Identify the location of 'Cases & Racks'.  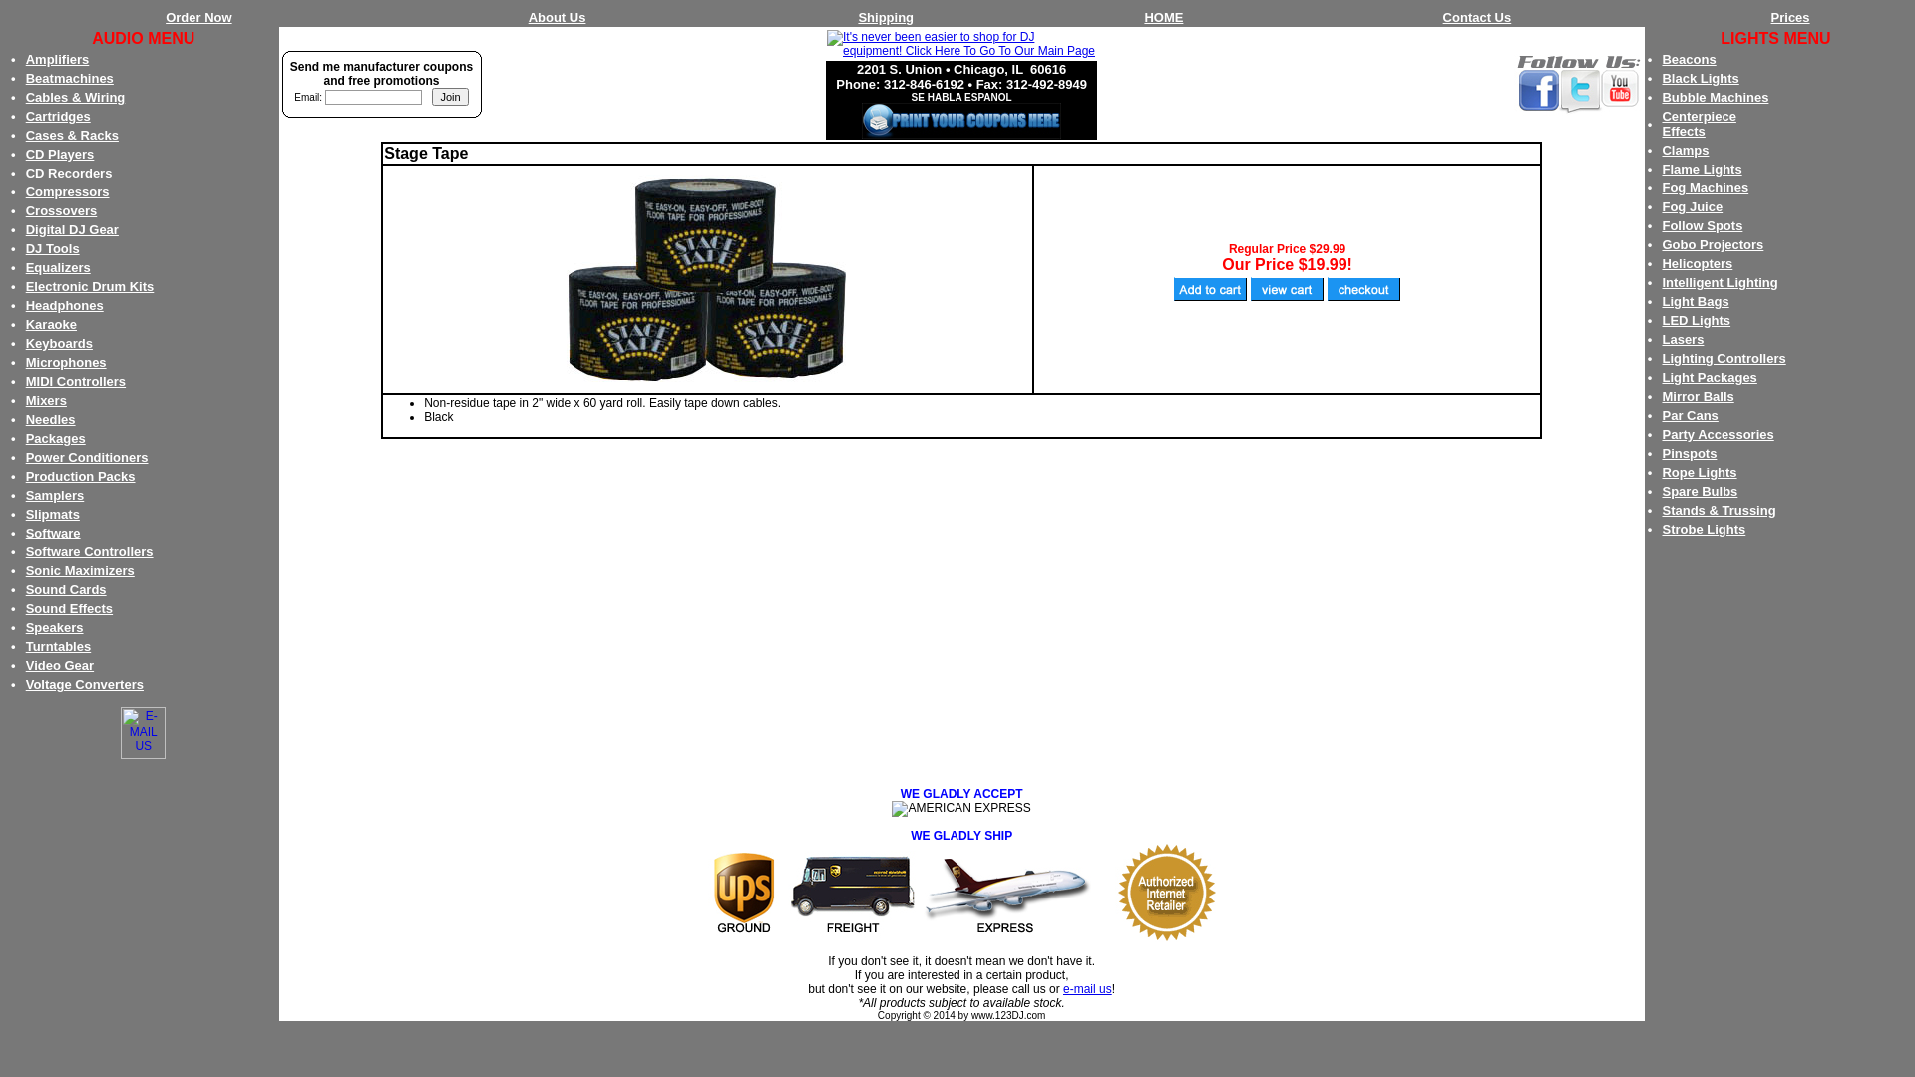
(72, 135).